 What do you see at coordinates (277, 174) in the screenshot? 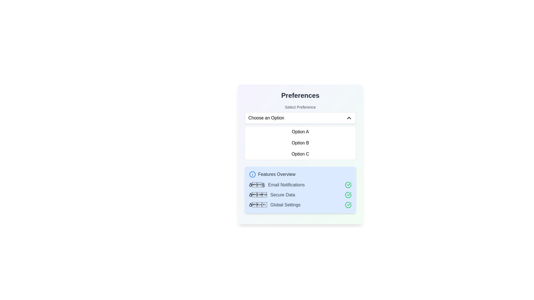
I see `the Text label located to the right of the blue information icon, which serves as a heading for a section of features` at bounding box center [277, 174].